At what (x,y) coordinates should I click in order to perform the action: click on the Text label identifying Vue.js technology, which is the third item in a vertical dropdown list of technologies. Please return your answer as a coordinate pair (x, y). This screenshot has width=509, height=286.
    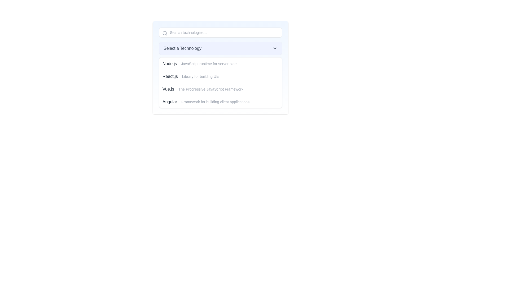
    Looking at the image, I should click on (168, 89).